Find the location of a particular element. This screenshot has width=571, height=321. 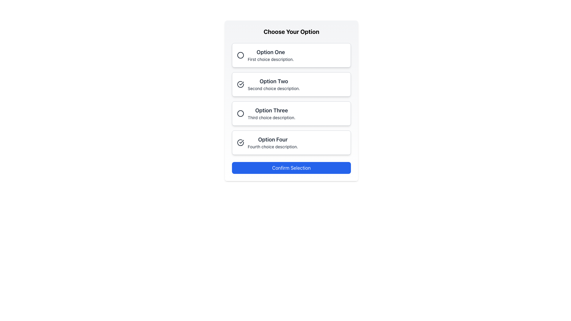

the visual cue icon indicating selection or validation located inside the second option's selection box next to the text labeled 'Option Two' is located at coordinates (241, 84).